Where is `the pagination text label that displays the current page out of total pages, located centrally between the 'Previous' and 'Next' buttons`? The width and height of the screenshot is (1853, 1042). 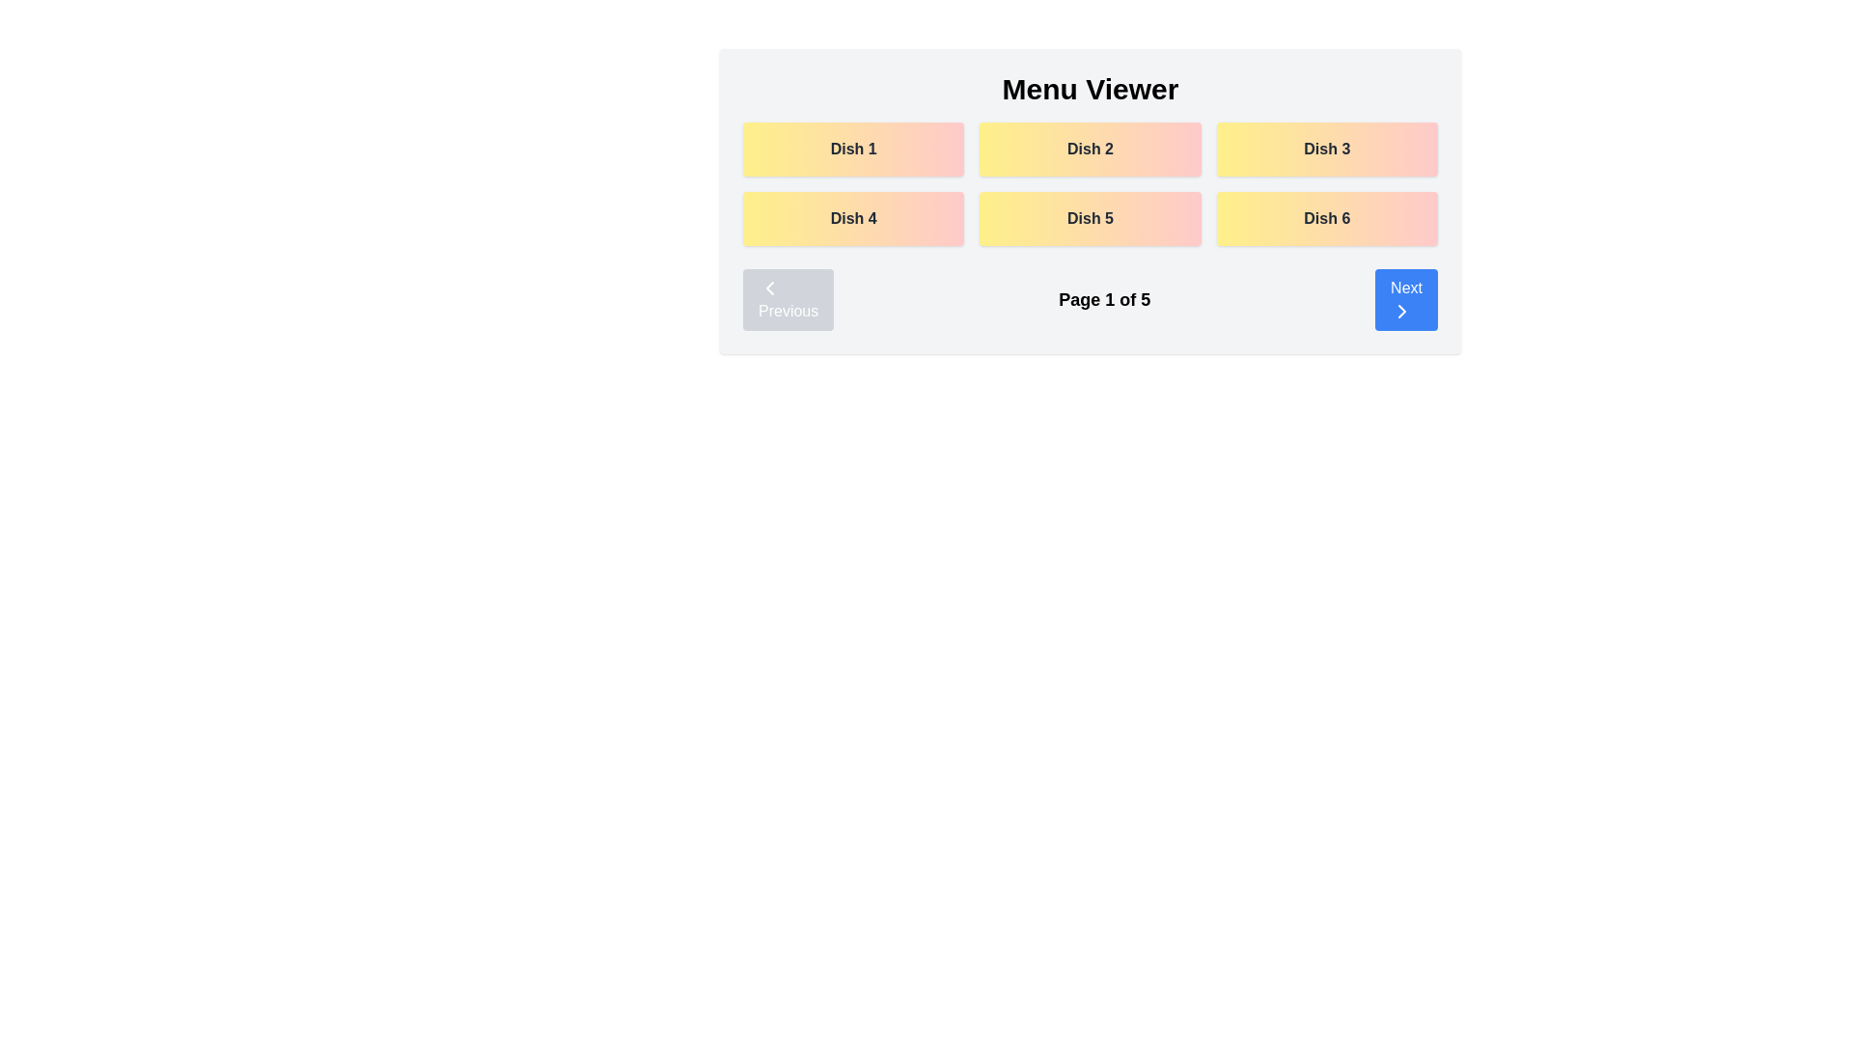
the pagination text label that displays the current page out of total pages, located centrally between the 'Previous' and 'Next' buttons is located at coordinates (1104, 300).